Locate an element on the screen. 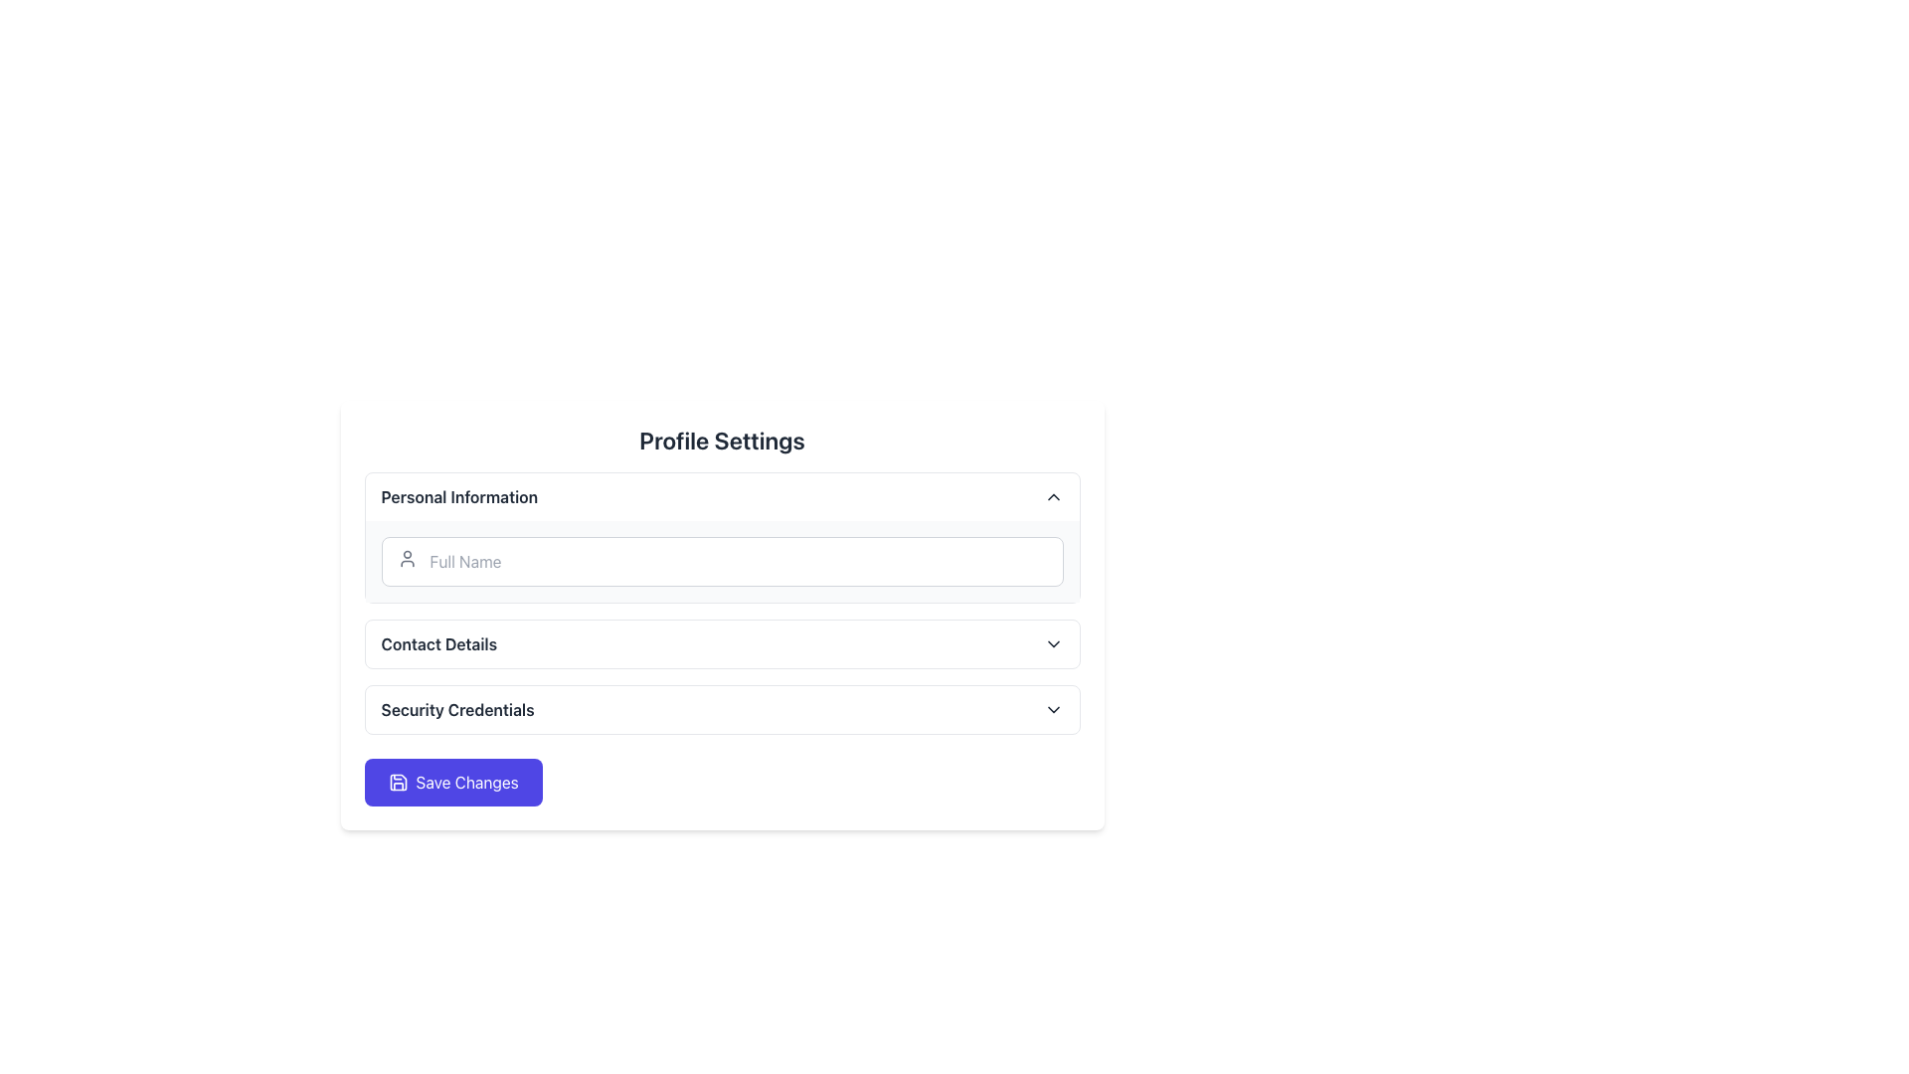 The image size is (1909, 1074). the icon located in the Profile Settings section, to the left of the Full Name input field, serving as a visual aid for identifying user information context is located at coordinates (406, 559).